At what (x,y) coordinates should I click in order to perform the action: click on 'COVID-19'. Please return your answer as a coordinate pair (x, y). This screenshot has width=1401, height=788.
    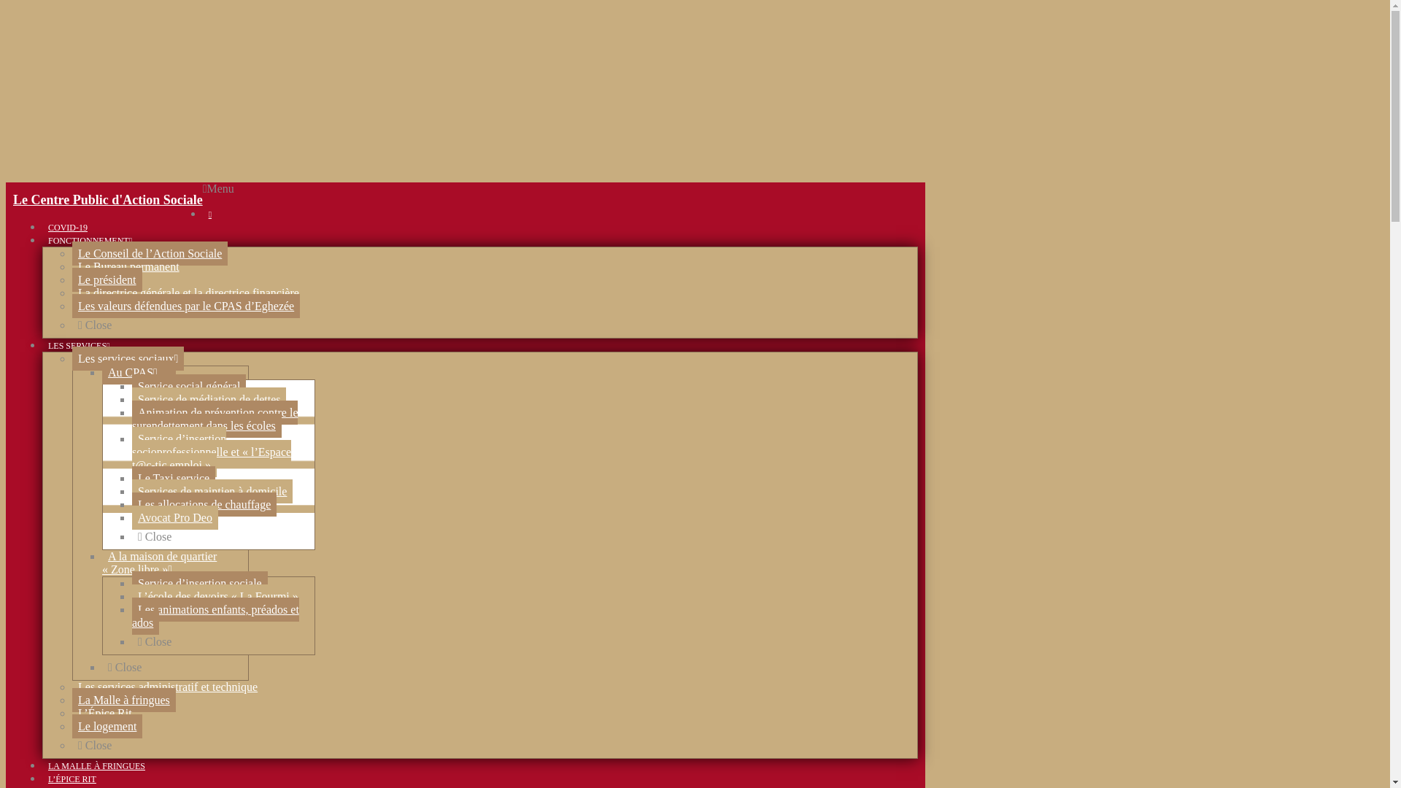
    Looking at the image, I should click on (66, 228).